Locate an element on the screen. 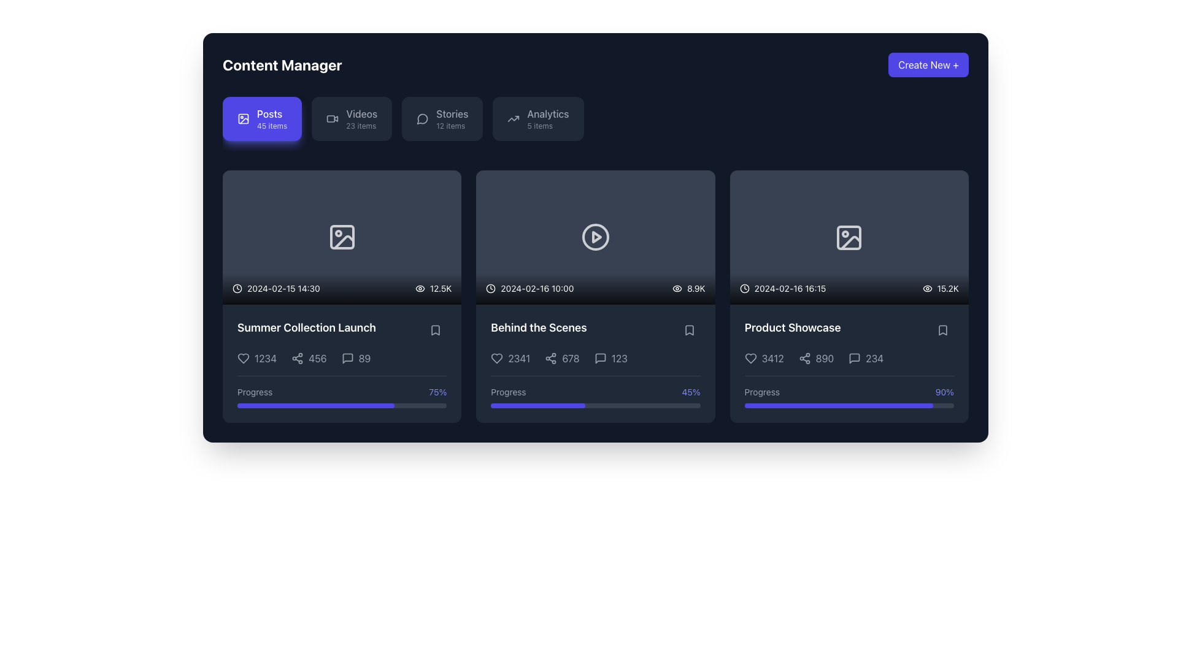  the composite UI element that consists of an eye icon and a text label, indicating the total number of views or impressions, positioned to the right of the timestamp '2024-02-15 14:30' and above the title 'Summer Collection Launch' is located at coordinates (433, 288).